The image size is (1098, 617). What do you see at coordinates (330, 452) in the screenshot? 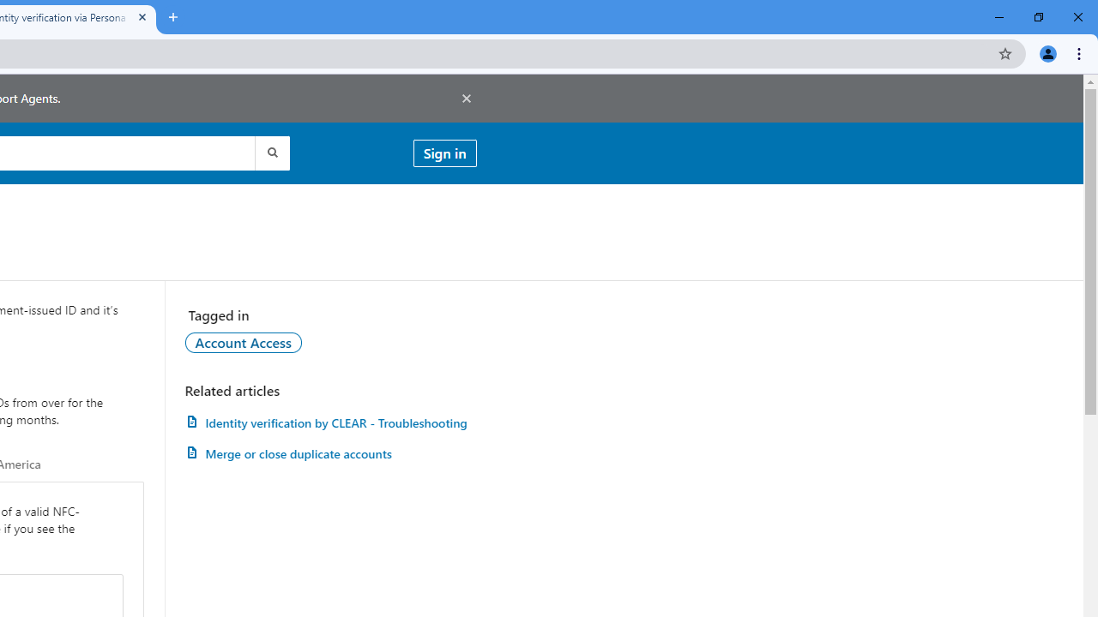
I see `'Merge or close duplicate accounts'` at bounding box center [330, 452].